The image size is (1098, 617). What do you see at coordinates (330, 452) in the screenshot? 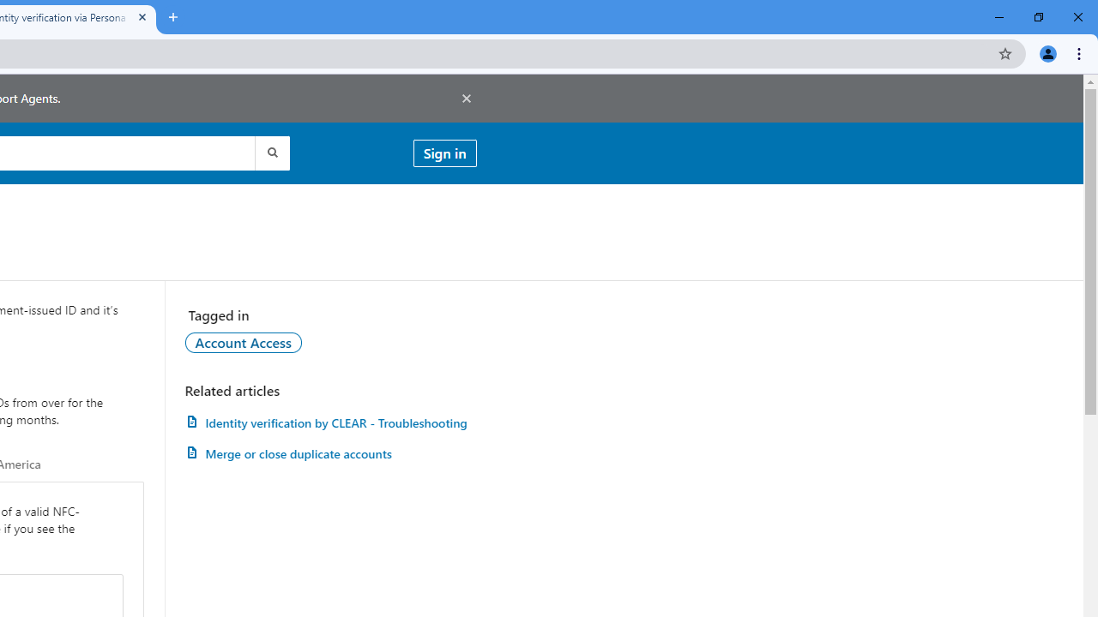
I see `'Merge or close duplicate accounts'` at bounding box center [330, 452].